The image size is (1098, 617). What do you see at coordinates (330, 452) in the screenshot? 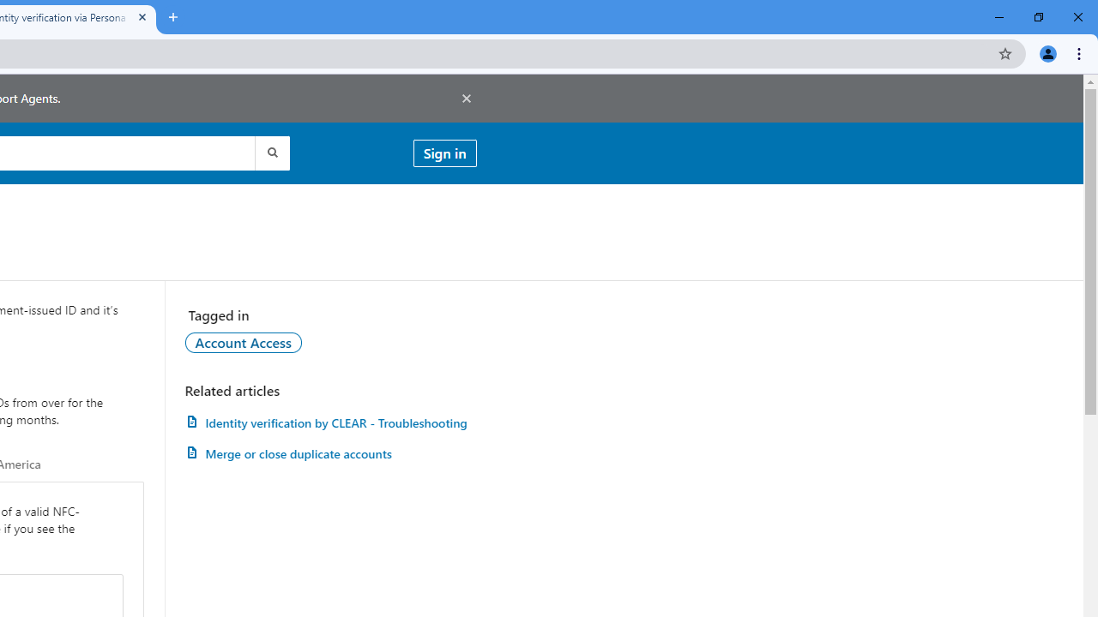
I see `'Merge or close duplicate accounts'` at bounding box center [330, 452].